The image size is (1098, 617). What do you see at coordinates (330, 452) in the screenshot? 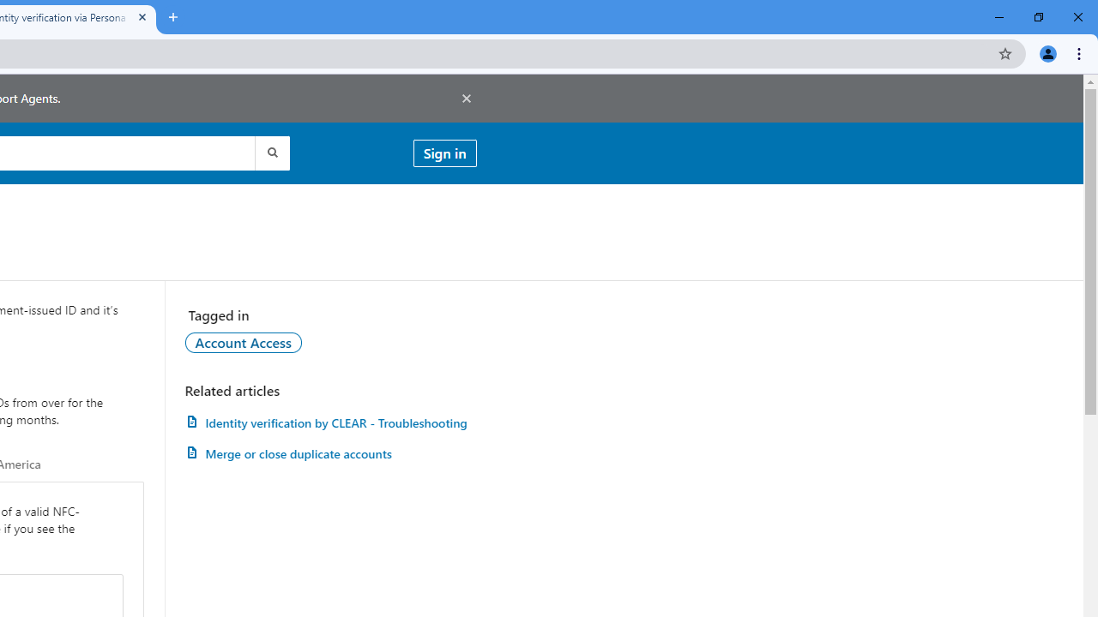
I see `'Merge or close duplicate accounts'` at bounding box center [330, 452].